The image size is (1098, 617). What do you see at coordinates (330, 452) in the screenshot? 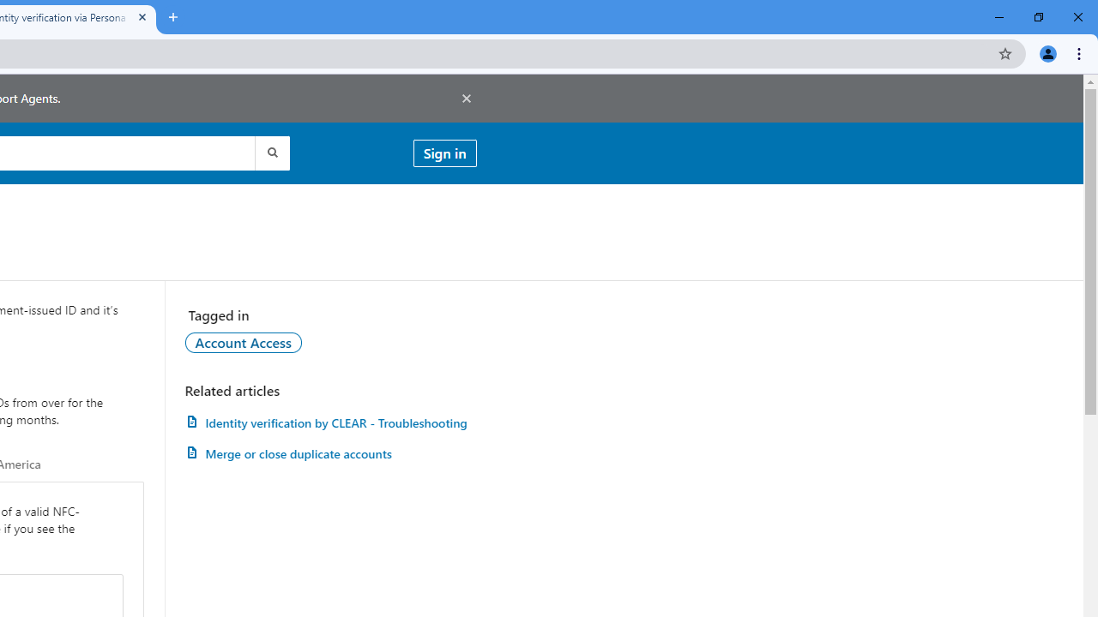
I see `'Merge or close duplicate accounts'` at bounding box center [330, 452].